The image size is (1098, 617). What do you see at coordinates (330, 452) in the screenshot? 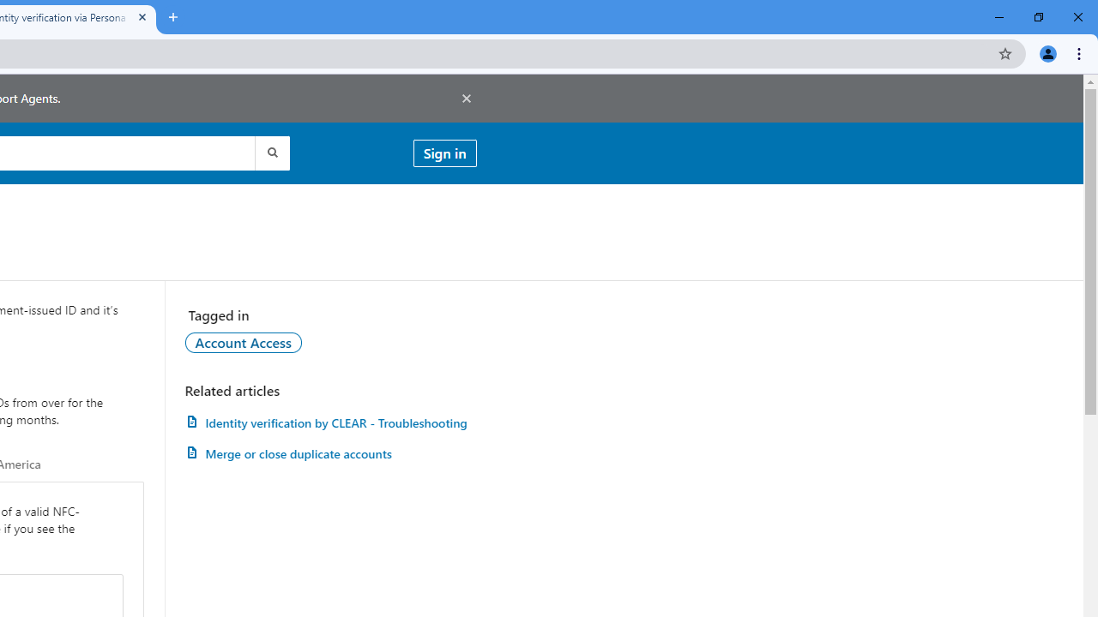
I see `'Merge or close duplicate accounts'` at bounding box center [330, 452].